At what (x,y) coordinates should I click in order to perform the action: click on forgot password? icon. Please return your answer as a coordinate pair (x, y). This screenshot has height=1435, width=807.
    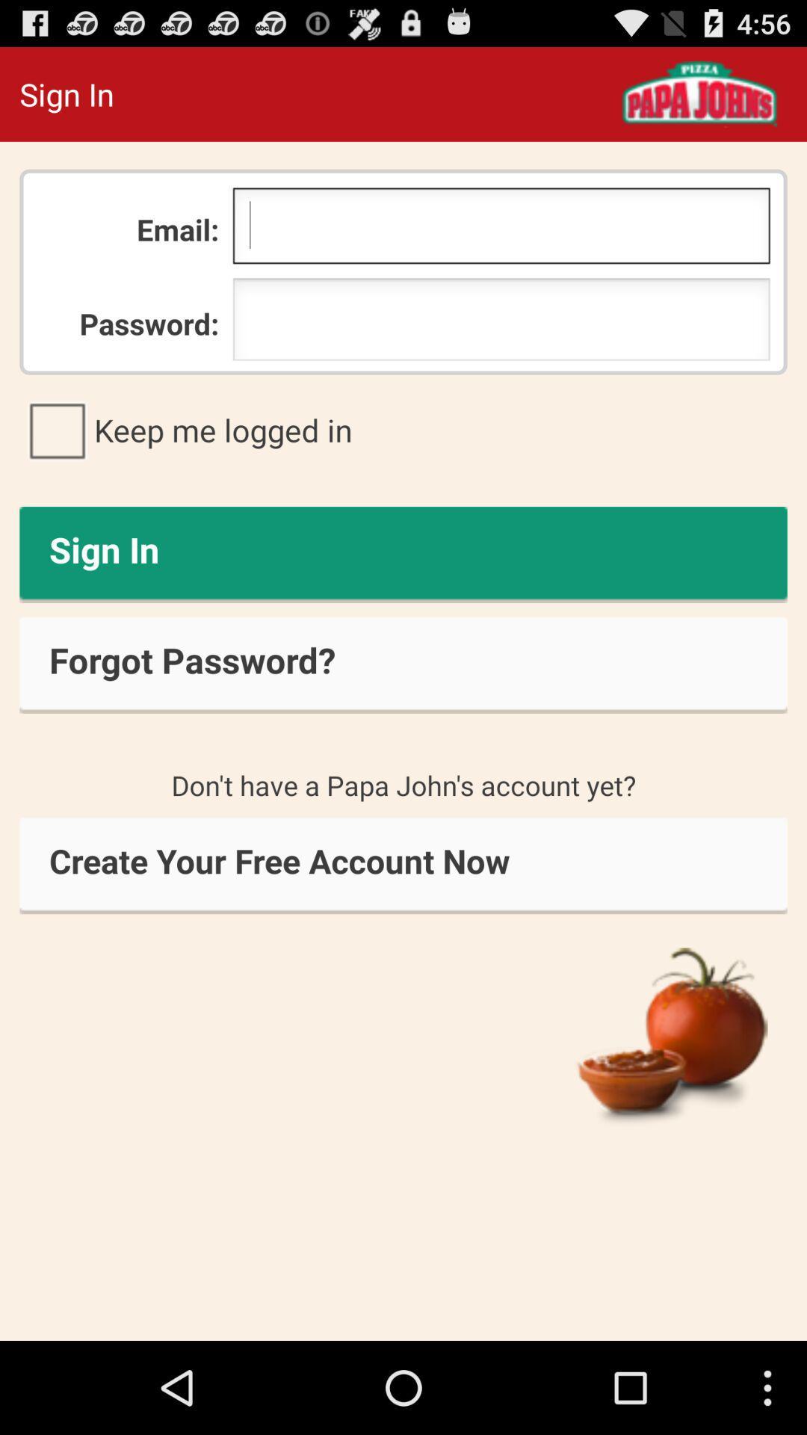
    Looking at the image, I should click on (403, 664).